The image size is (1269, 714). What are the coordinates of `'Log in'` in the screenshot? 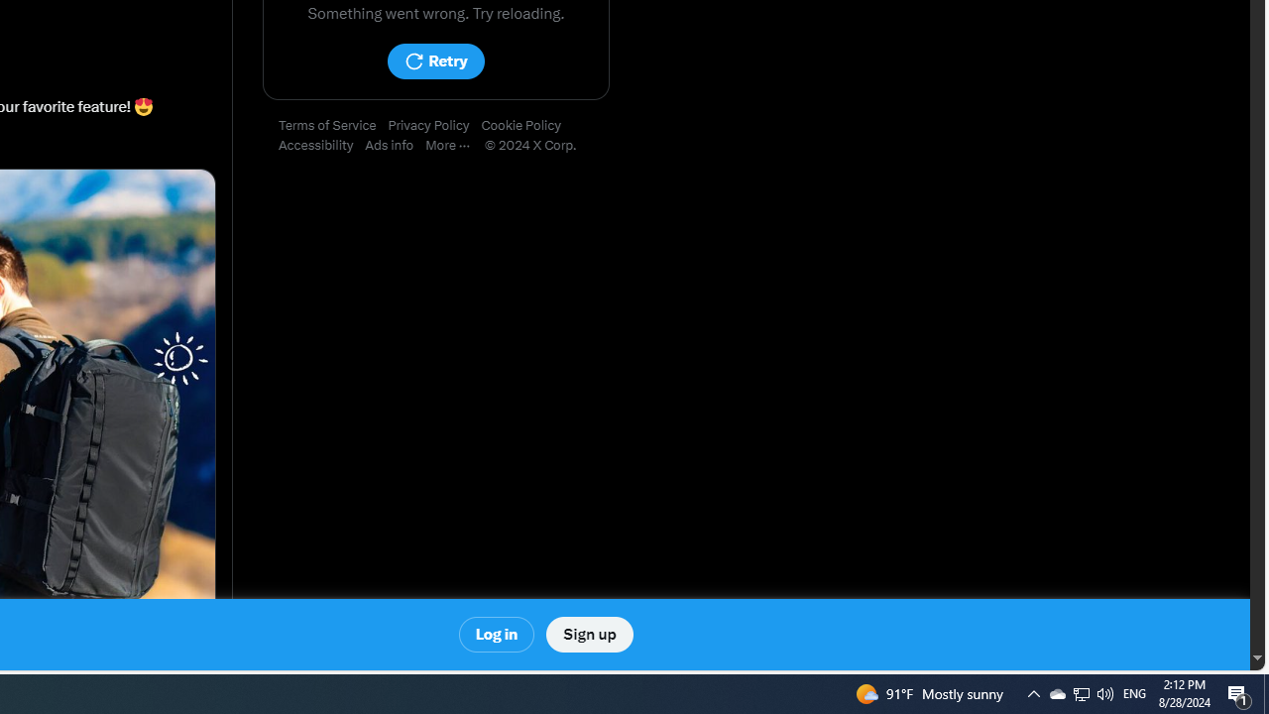 It's located at (497, 635).